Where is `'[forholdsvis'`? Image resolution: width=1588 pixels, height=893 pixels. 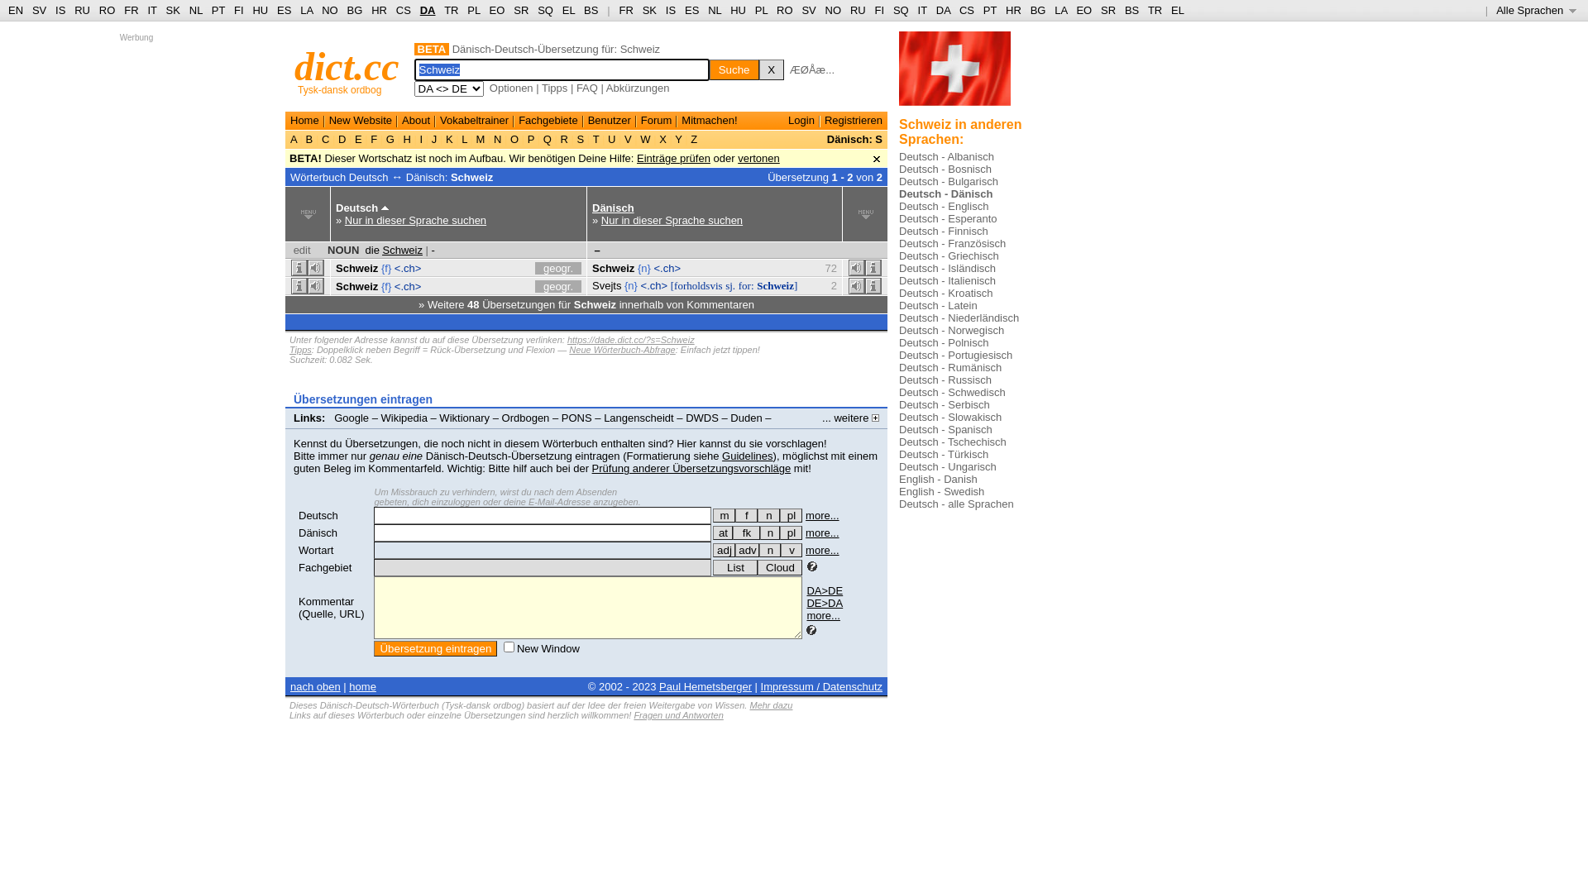 '[forholdsvis' is located at coordinates (696, 284).